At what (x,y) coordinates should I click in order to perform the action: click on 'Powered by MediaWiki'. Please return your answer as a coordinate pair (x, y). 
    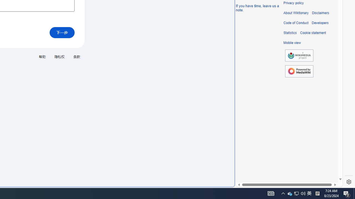
    Looking at the image, I should click on (299, 71).